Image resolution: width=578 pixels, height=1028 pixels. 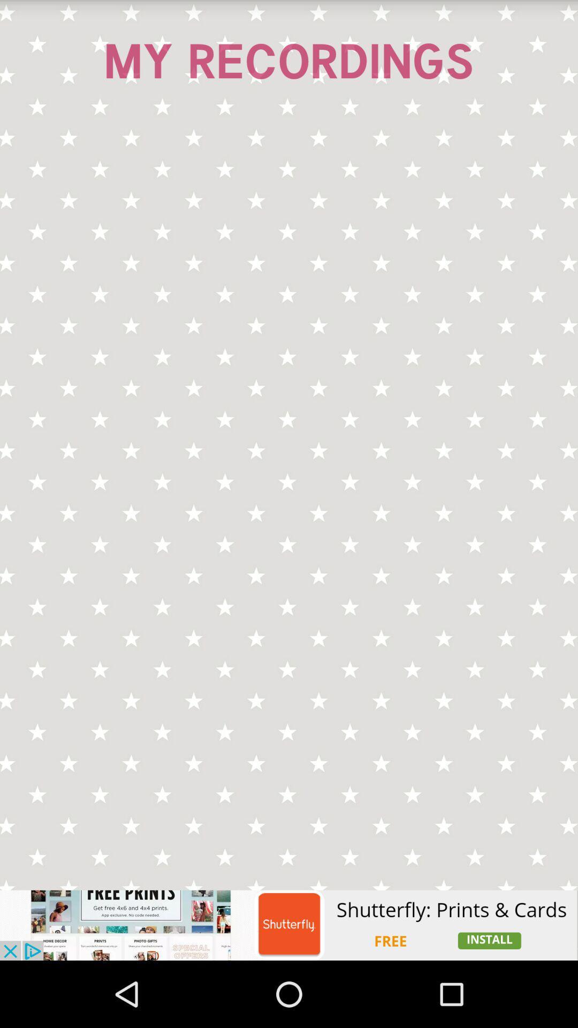 I want to click on banner advertisement for shutterfly, so click(x=289, y=925).